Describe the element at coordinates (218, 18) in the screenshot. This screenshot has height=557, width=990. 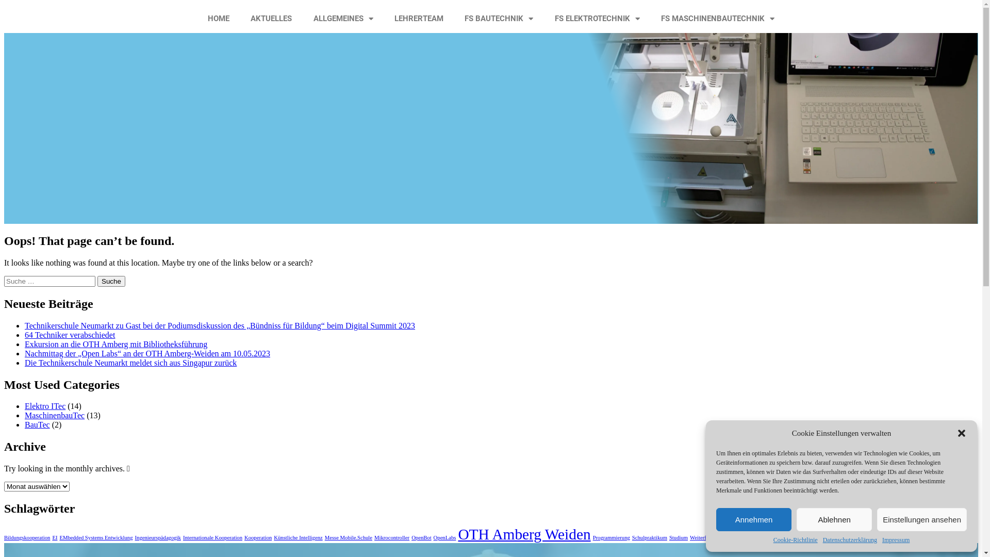
I see `'HOME'` at that location.